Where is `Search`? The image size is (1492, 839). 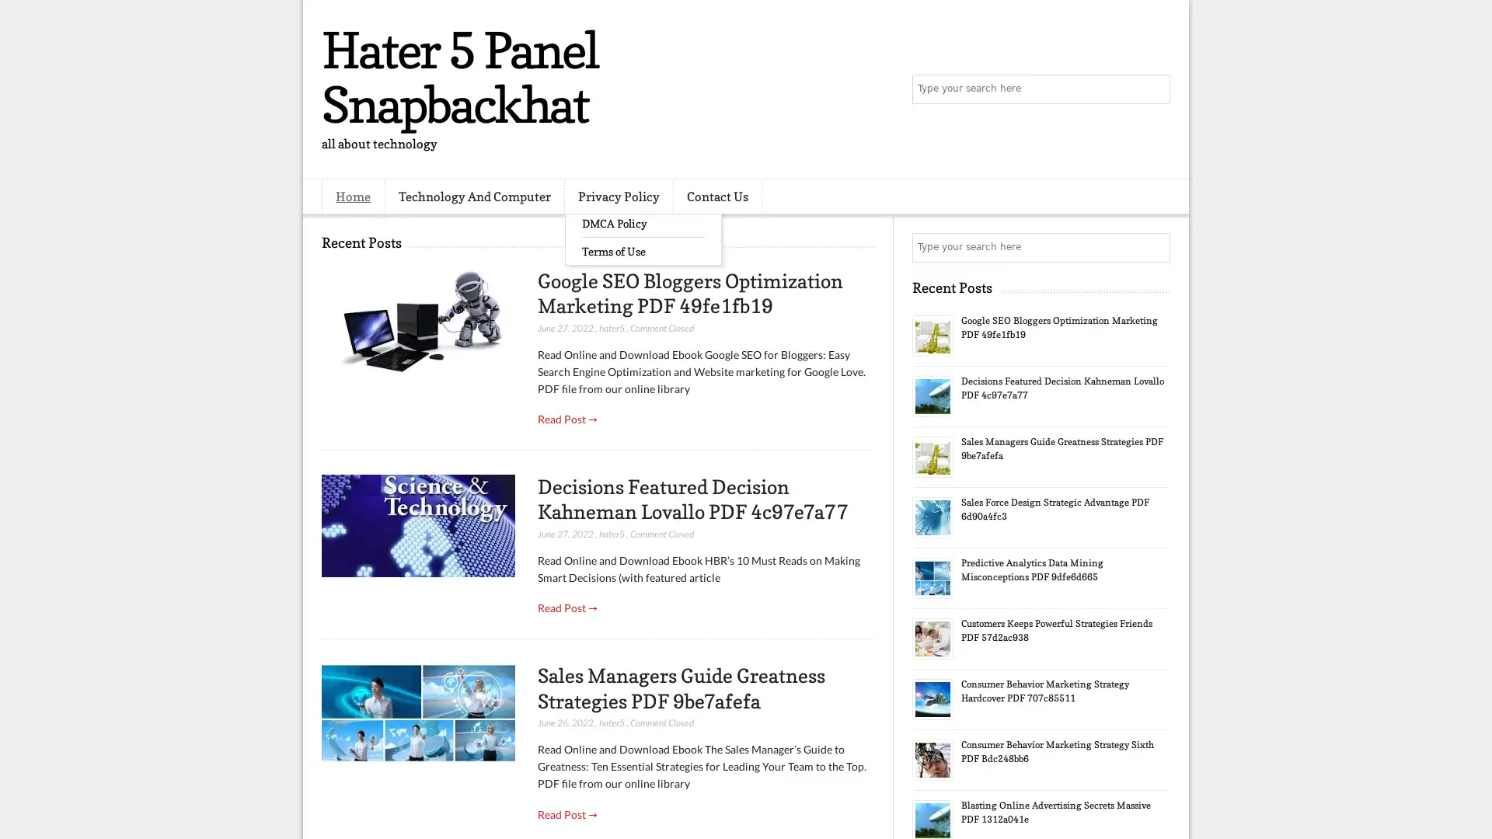
Search is located at coordinates (1154, 89).